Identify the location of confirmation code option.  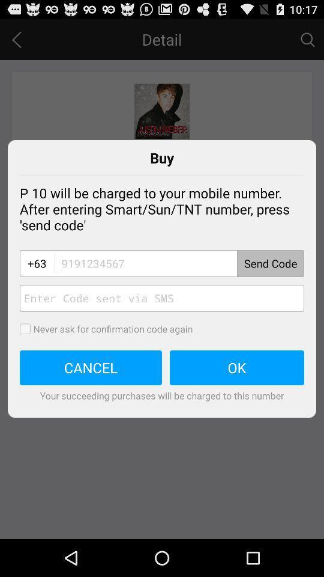
(29, 329).